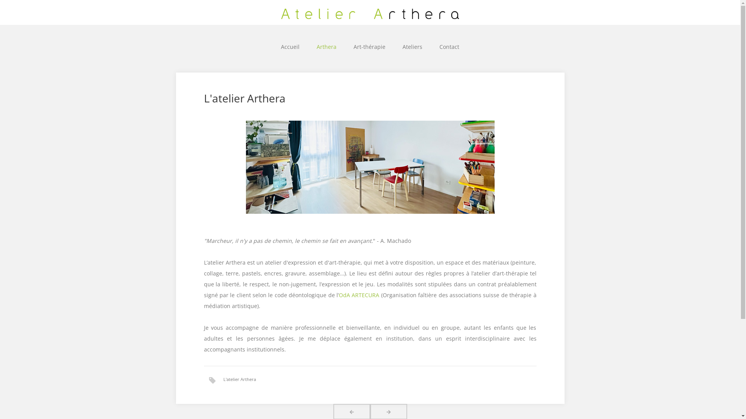 The width and height of the screenshot is (746, 419). What do you see at coordinates (326, 46) in the screenshot?
I see `'Arthera'` at bounding box center [326, 46].